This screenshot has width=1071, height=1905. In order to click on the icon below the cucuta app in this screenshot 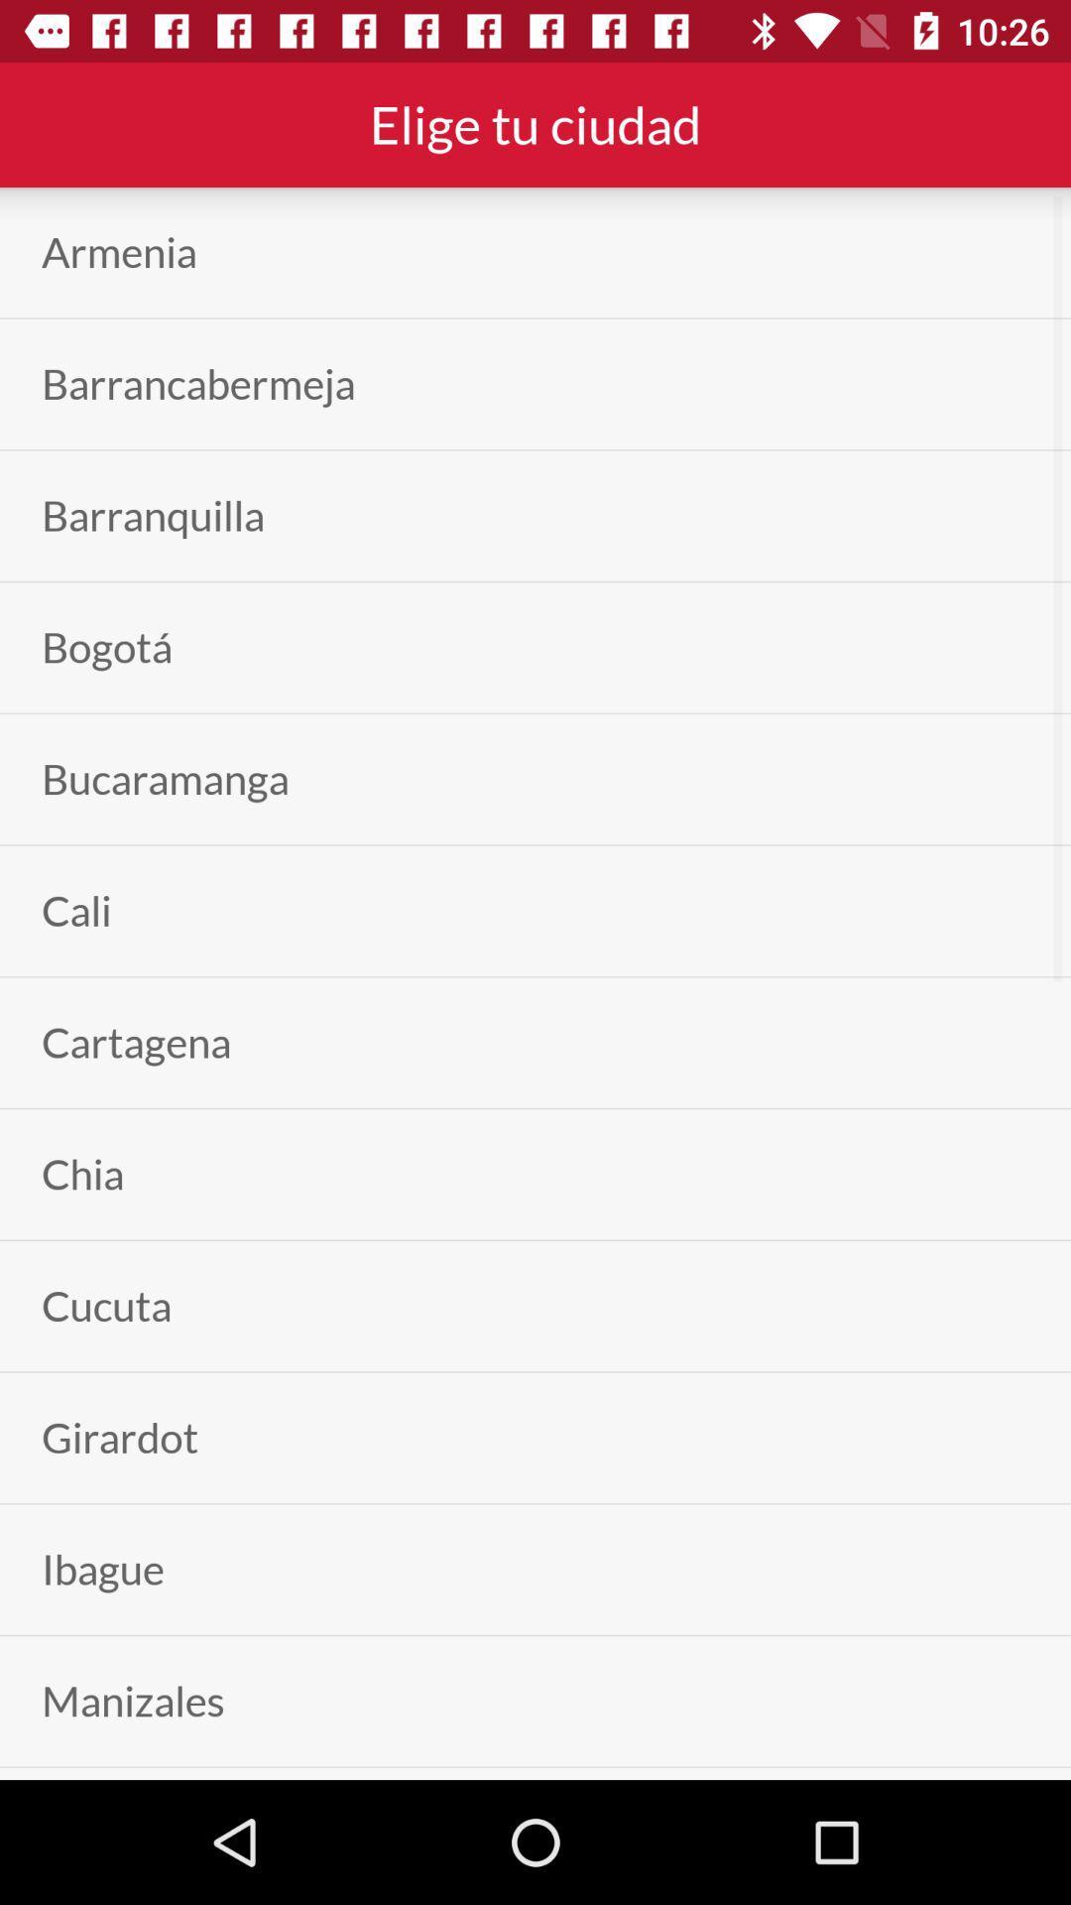, I will do `click(120, 1438)`.